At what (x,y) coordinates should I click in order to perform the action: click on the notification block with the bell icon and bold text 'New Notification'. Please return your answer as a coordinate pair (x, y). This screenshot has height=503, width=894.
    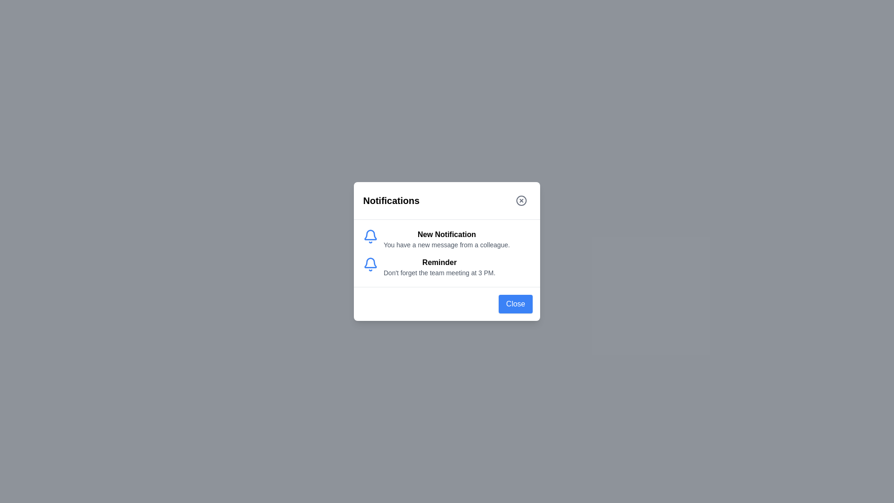
    Looking at the image, I should click on (447, 238).